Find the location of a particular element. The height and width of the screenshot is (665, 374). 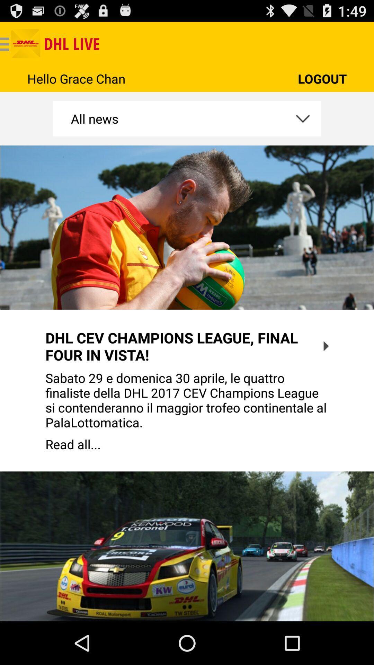

app to the right of the dhl cev champions is located at coordinates (326, 346).